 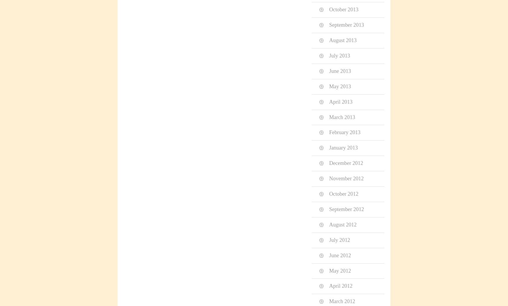 I want to click on 'June 2012', so click(x=340, y=255).